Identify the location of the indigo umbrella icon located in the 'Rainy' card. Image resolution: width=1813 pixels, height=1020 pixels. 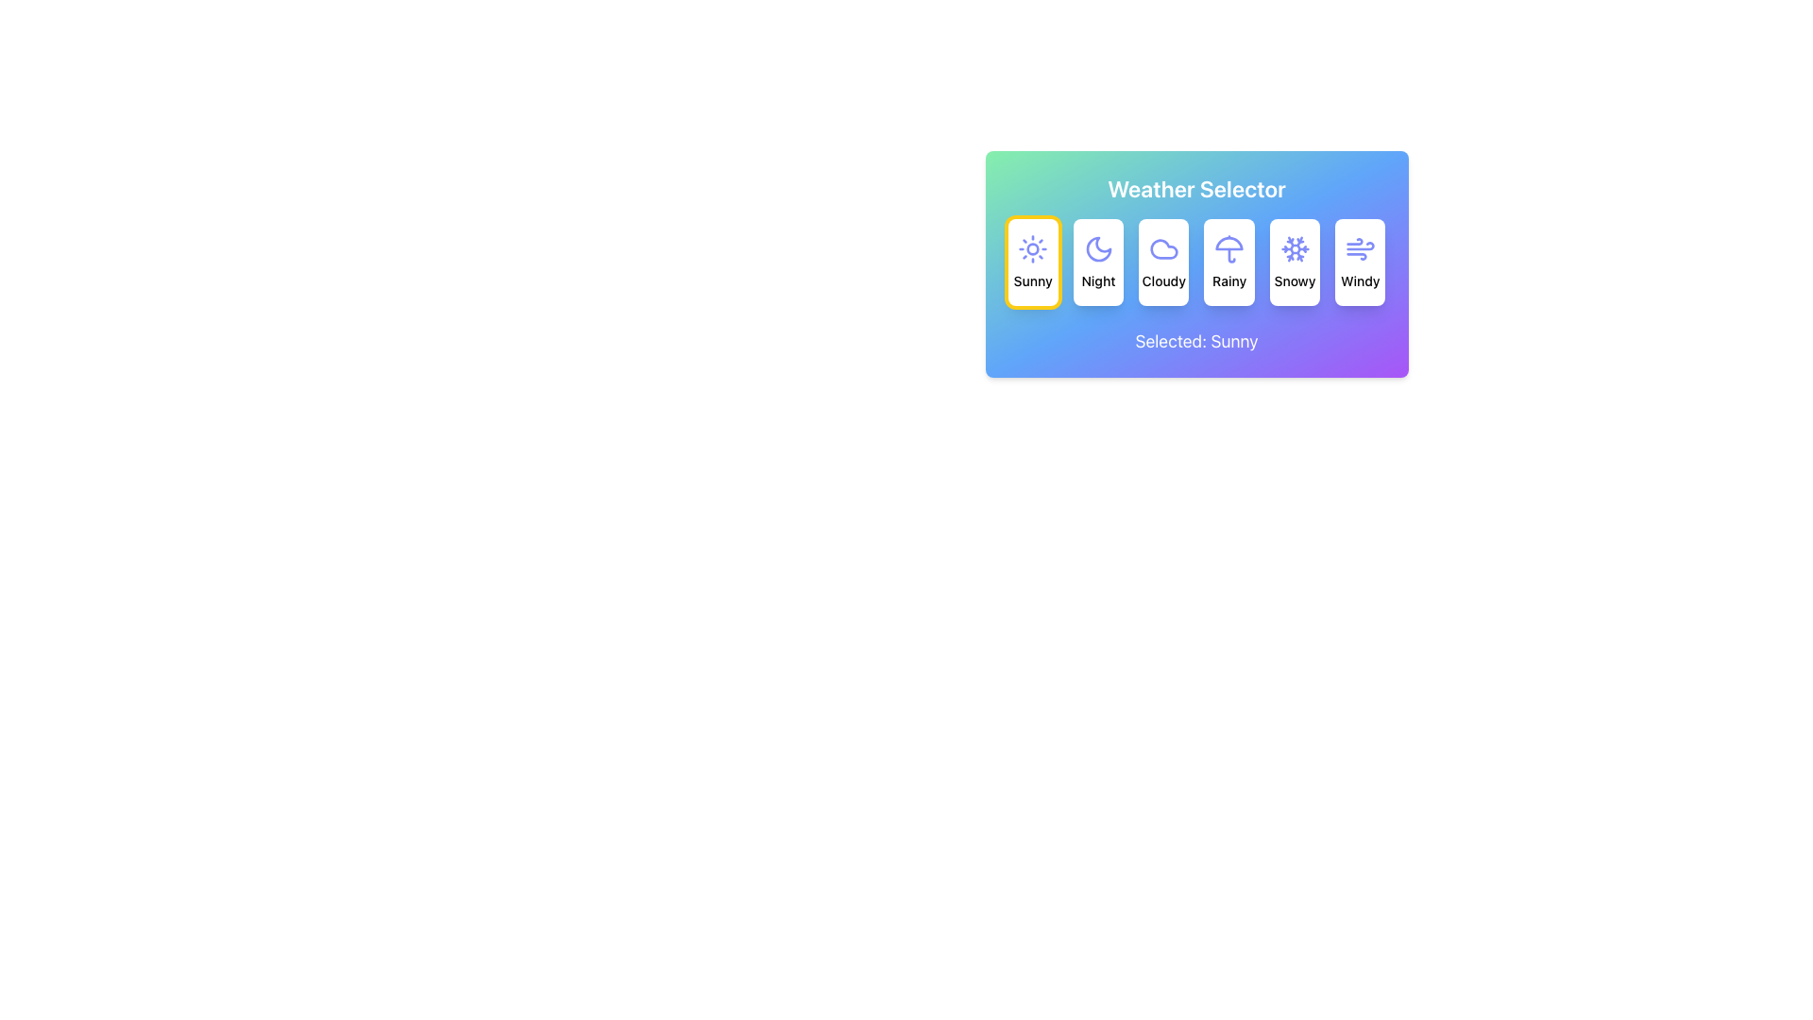
(1229, 247).